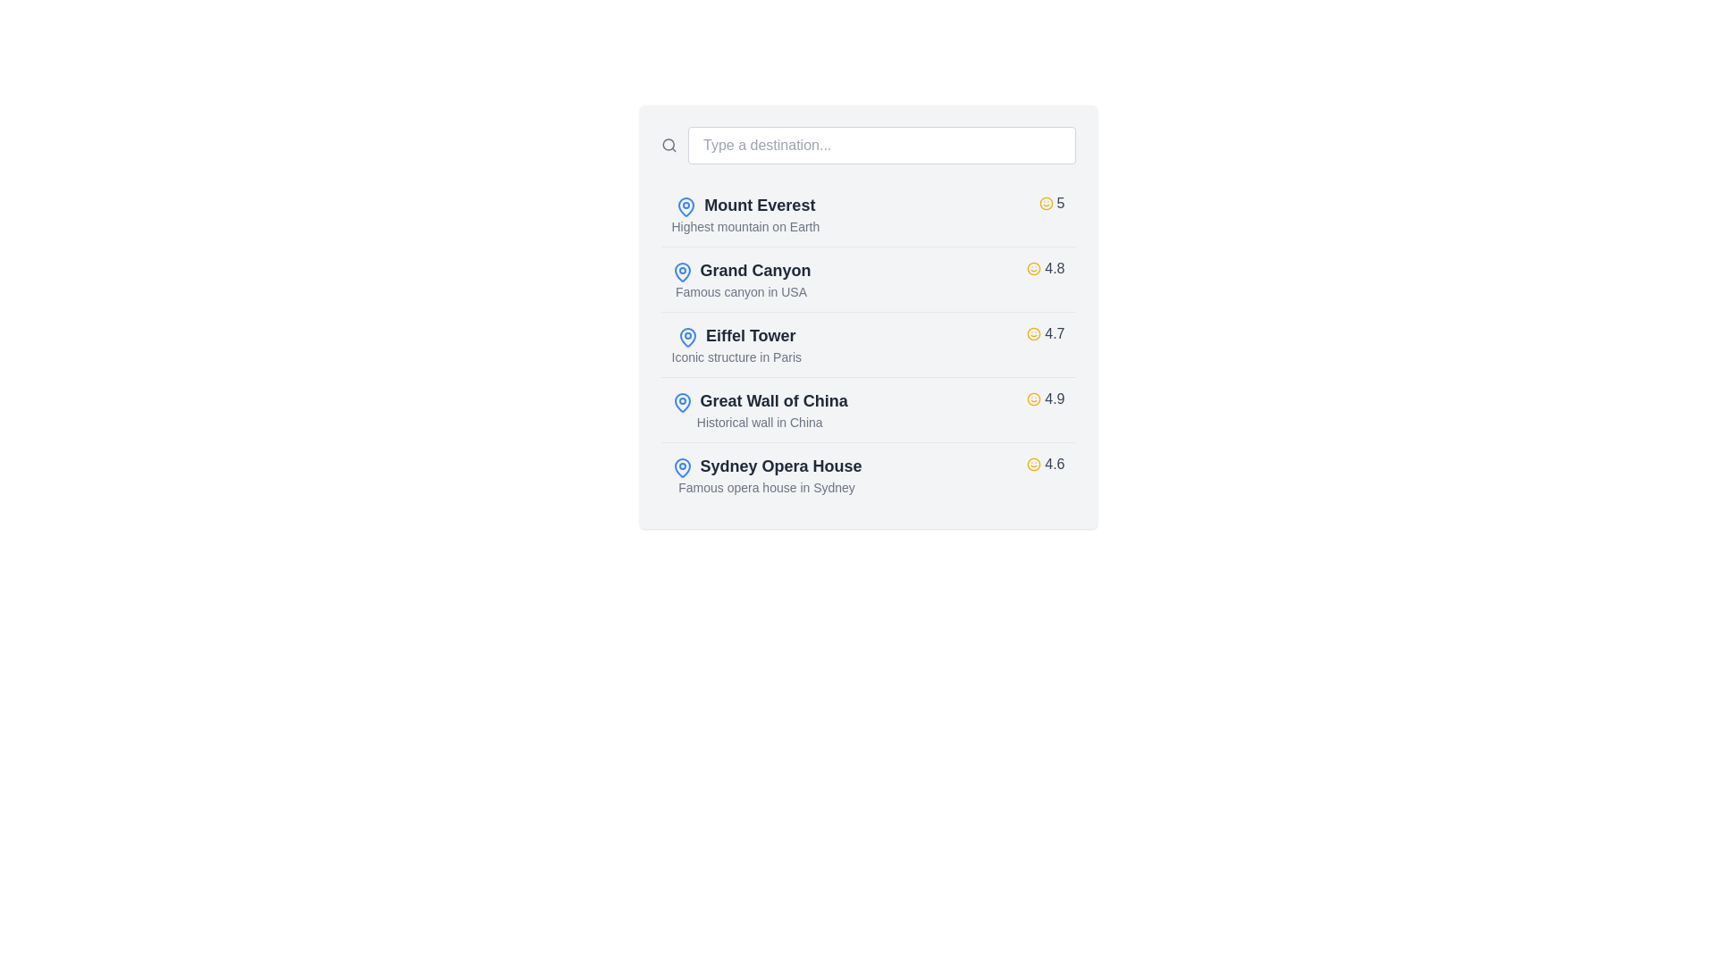 This screenshot has height=965, width=1716. Describe the element at coordinates (1055, 334) in the screenshot. I see `the static text component displaying '4.7', which is styled in gray and located to the right of the yellow smiley face icon in the 'Eiffel Tower' row` at that location.